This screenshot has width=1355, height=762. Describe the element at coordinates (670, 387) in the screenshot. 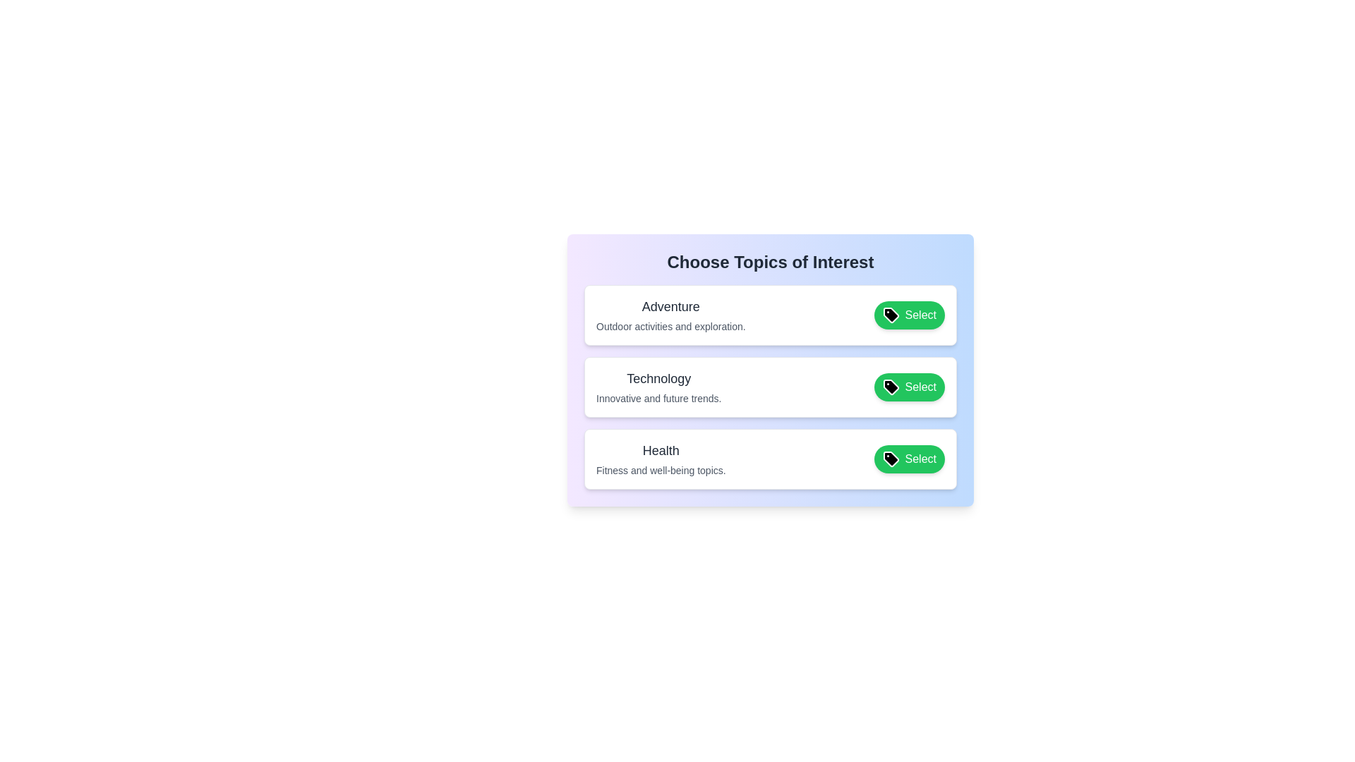

I see `the tag item labeled 'Technology'` at that location.